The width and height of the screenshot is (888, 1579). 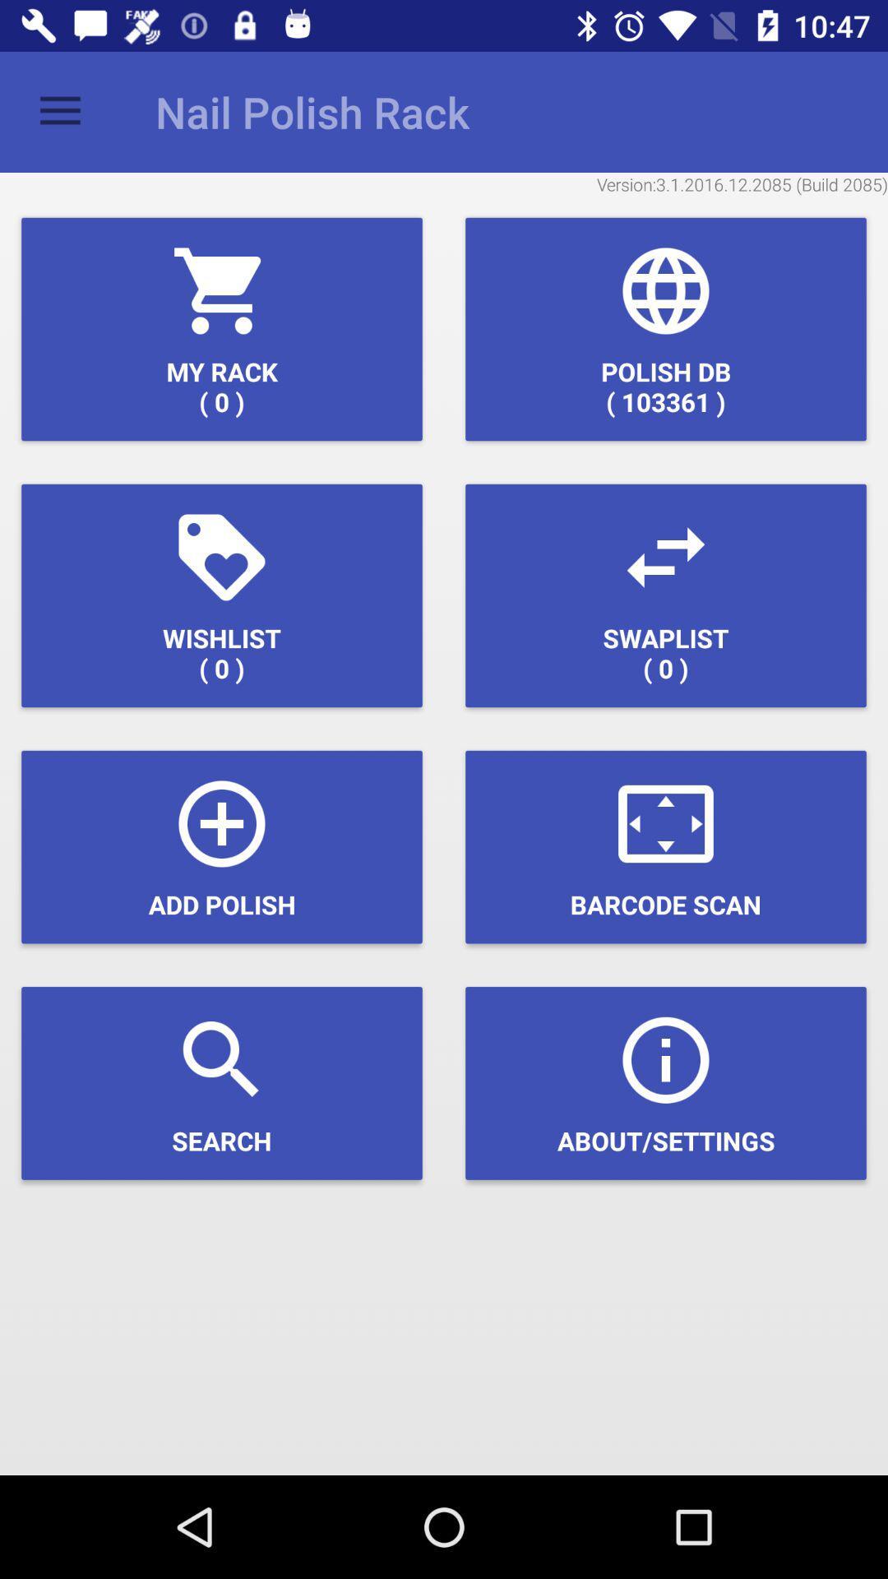 I want to click on item next to the barcode scan icon, so click(x=222, y=847).